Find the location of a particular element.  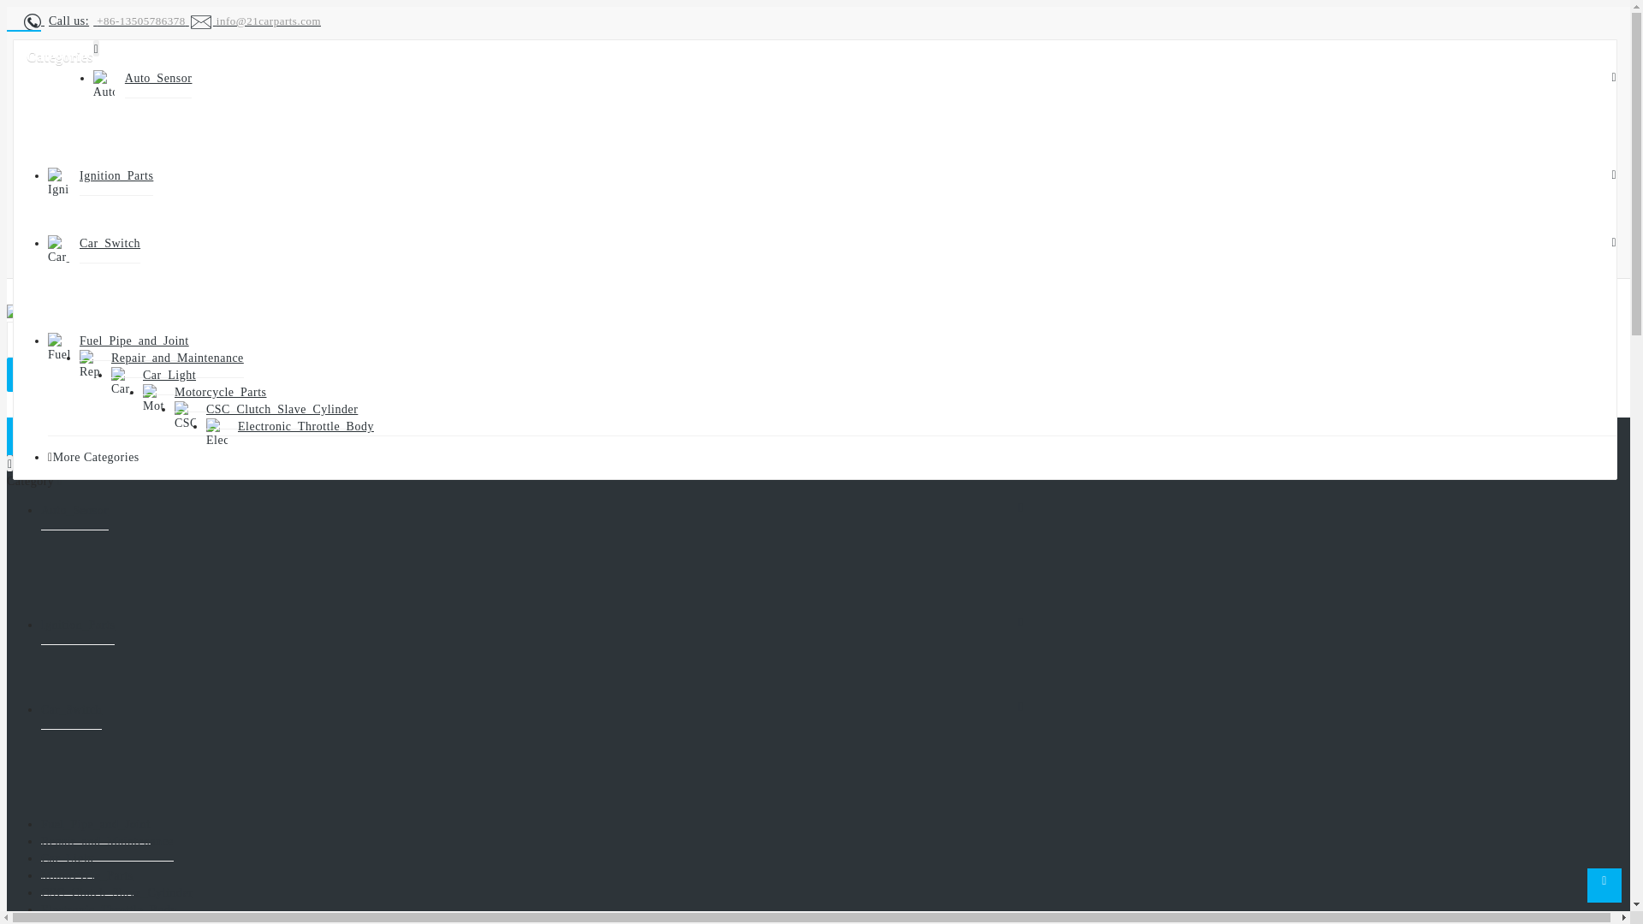

'0 item(s) - $0.00' is located at coordinates (68, 375).